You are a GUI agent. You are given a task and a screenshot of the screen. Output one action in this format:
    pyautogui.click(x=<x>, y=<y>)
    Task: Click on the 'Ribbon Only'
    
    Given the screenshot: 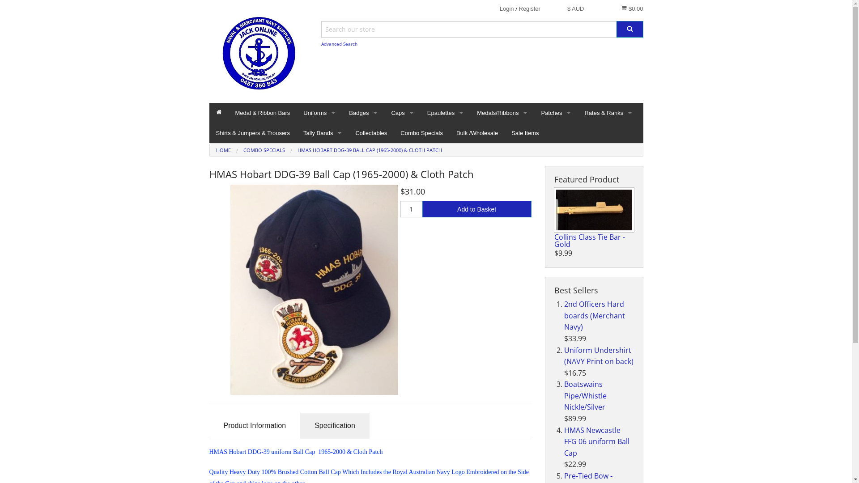 What is the action you would take?
    pyautogui.click(x=502, y=164)
    